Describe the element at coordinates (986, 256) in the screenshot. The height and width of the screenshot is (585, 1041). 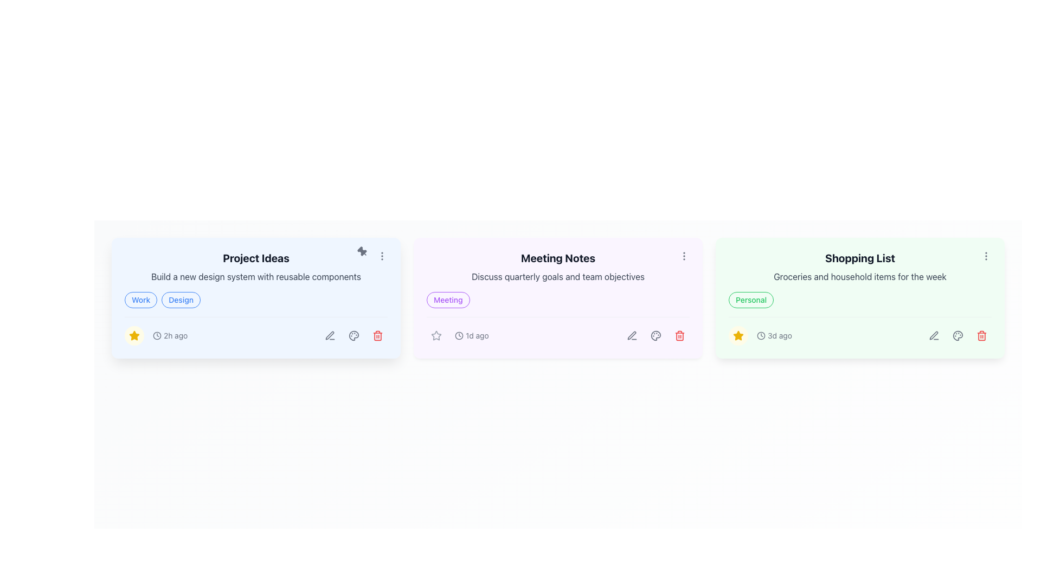
I see `the interactive button located in the top-right corner inside the 'Shopping List' card` at that location.